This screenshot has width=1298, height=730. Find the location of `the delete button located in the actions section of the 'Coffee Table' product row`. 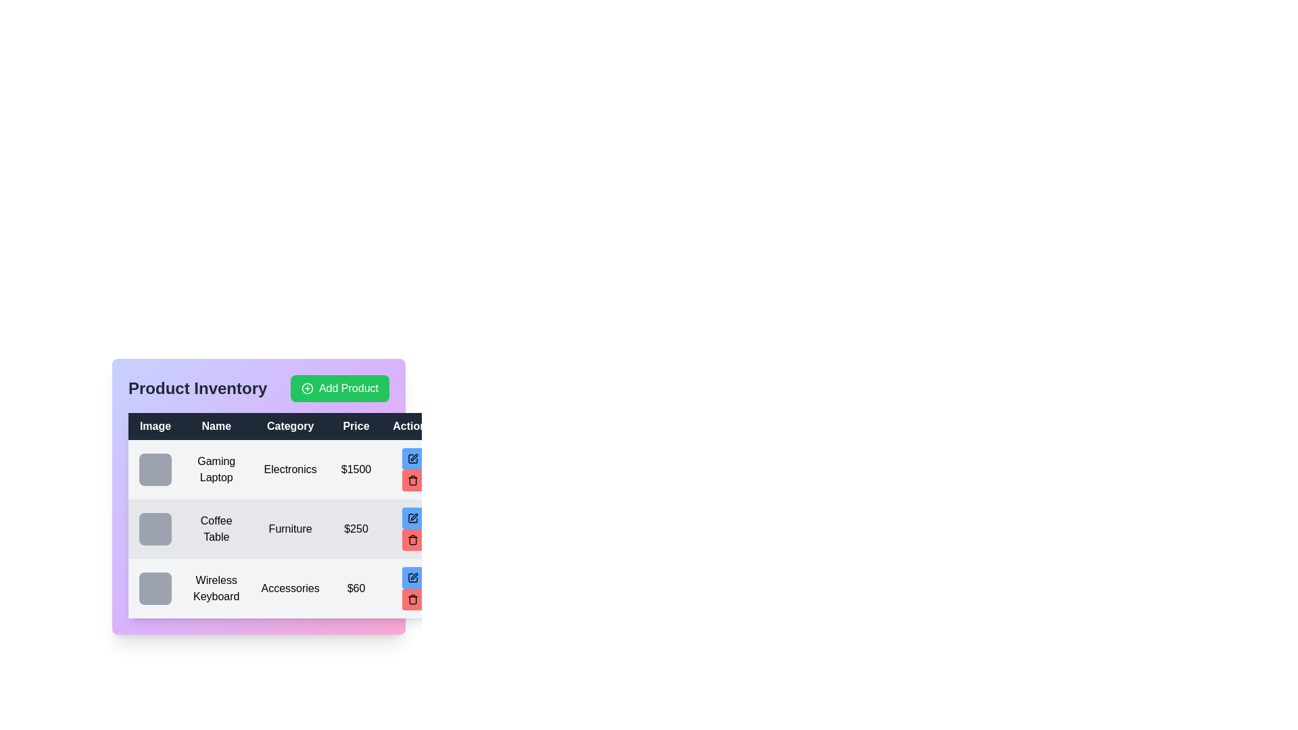

the delete button located in the actions section of the 'Coffee Table' product row is located at coordinates (412, 529).